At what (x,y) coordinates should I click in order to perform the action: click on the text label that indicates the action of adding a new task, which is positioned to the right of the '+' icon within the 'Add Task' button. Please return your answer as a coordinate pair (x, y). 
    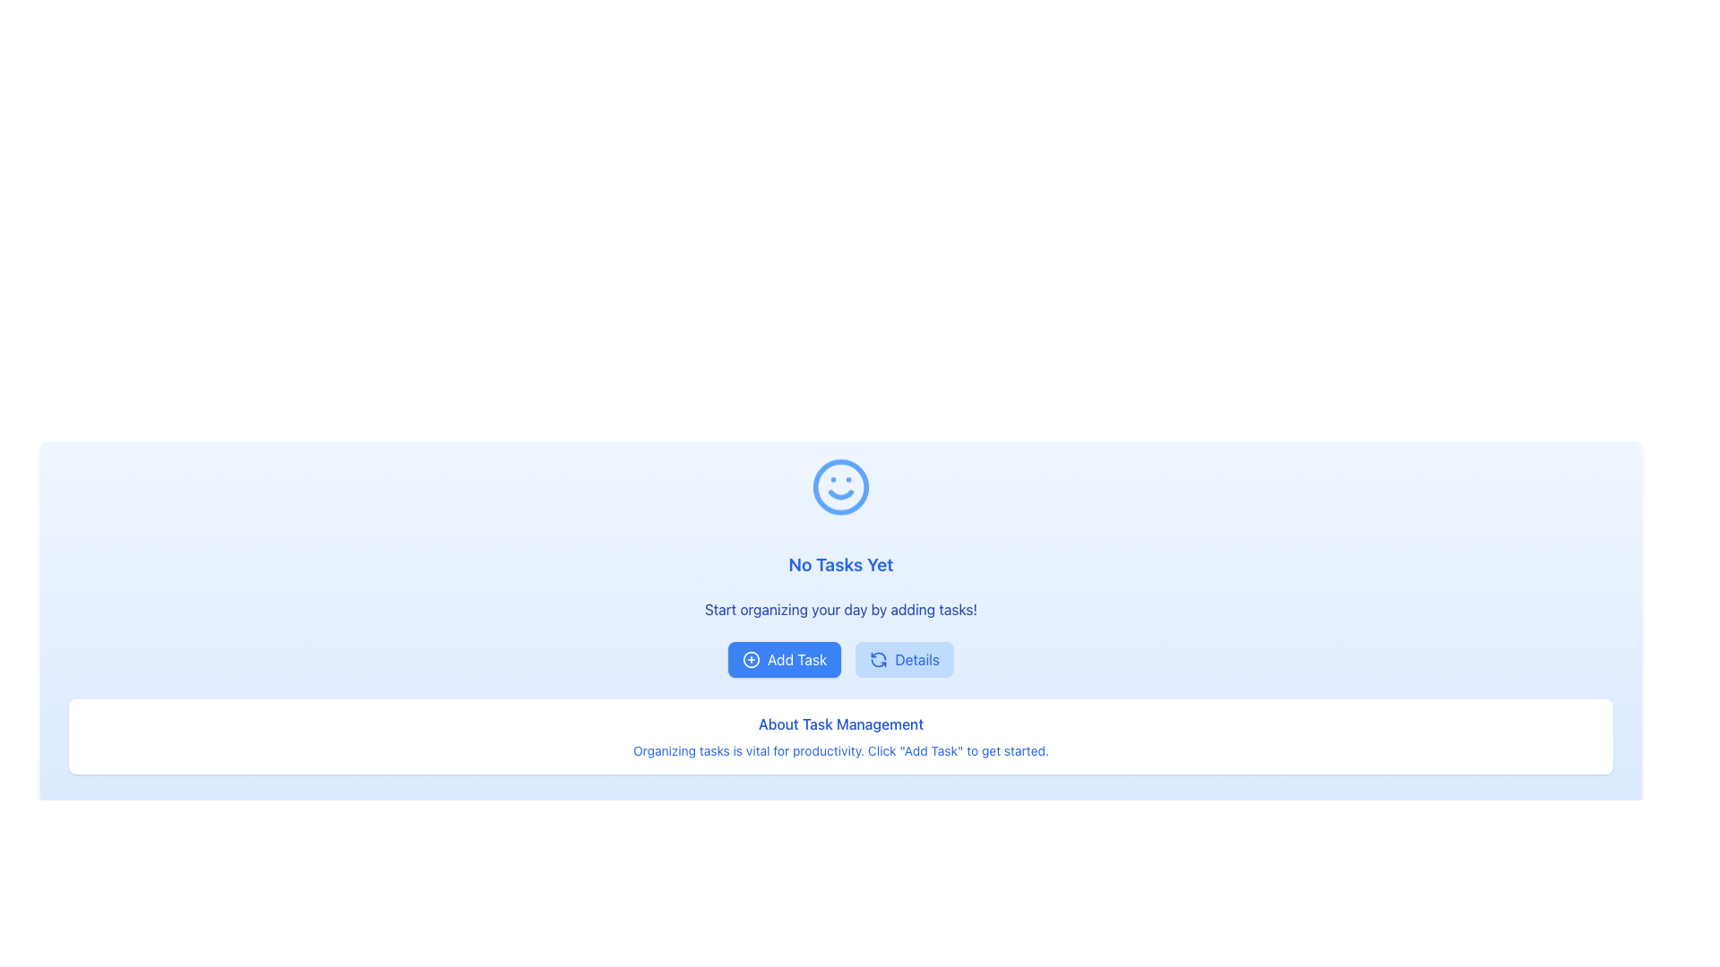
    Looking at the image, I should click on (796, 659).